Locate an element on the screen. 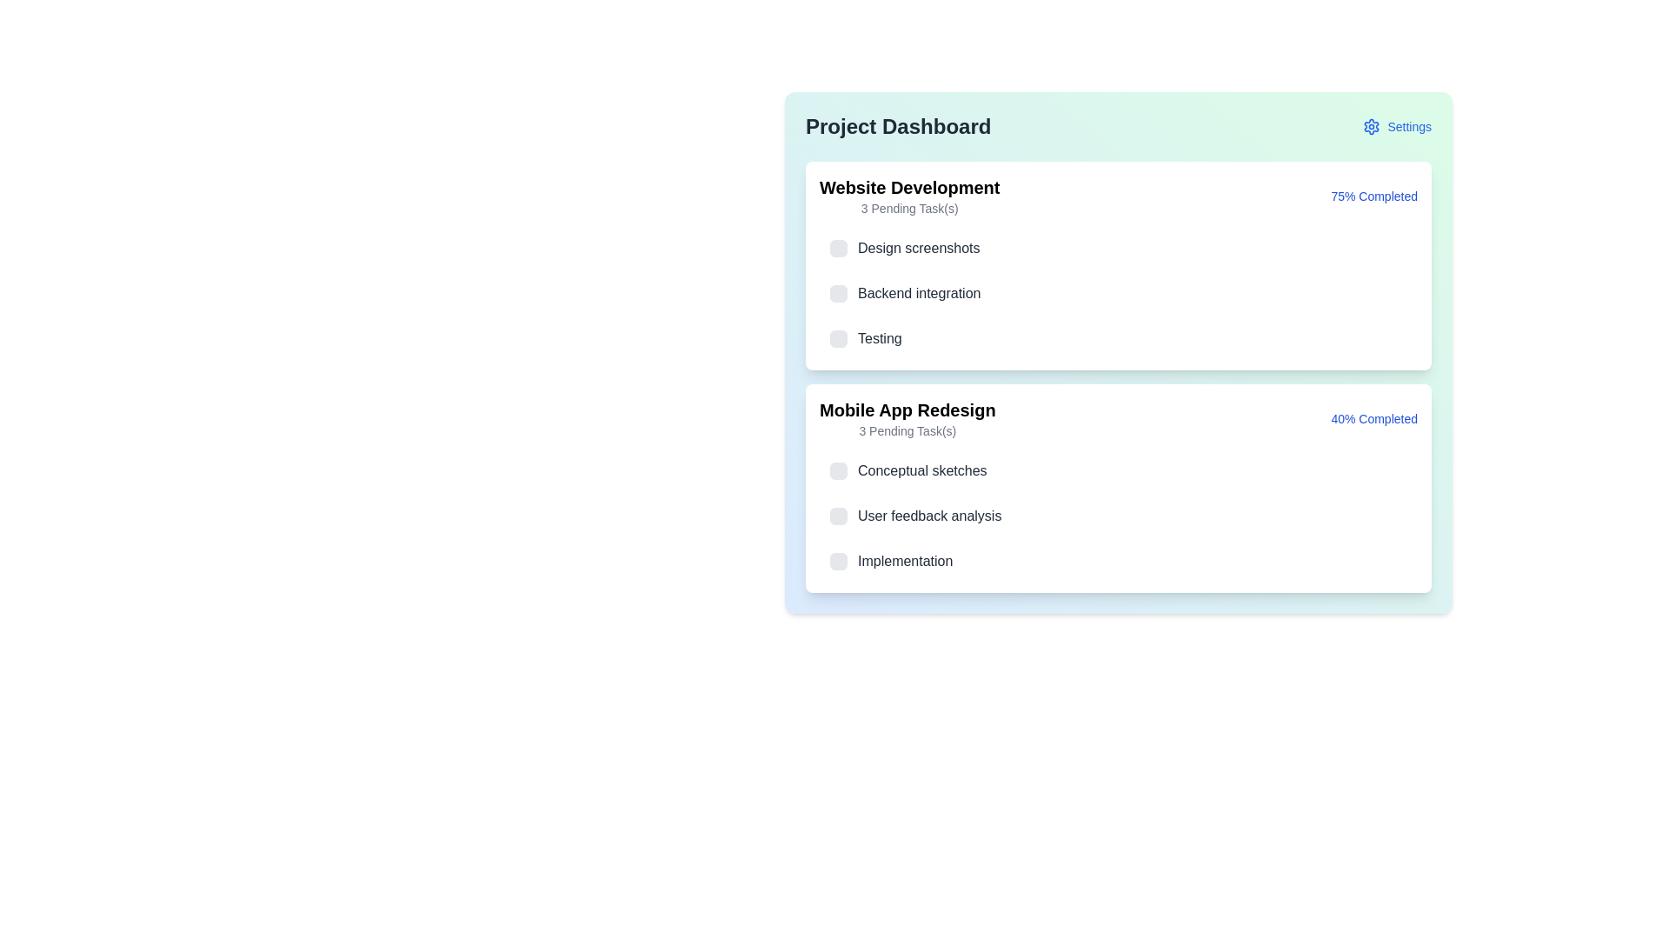  the label displaying 'Website Development' which is a bold, large-font styled text located at the top-left corner of the white card under the heading 'Project Dashboard' is located at coordinates (908, 188).